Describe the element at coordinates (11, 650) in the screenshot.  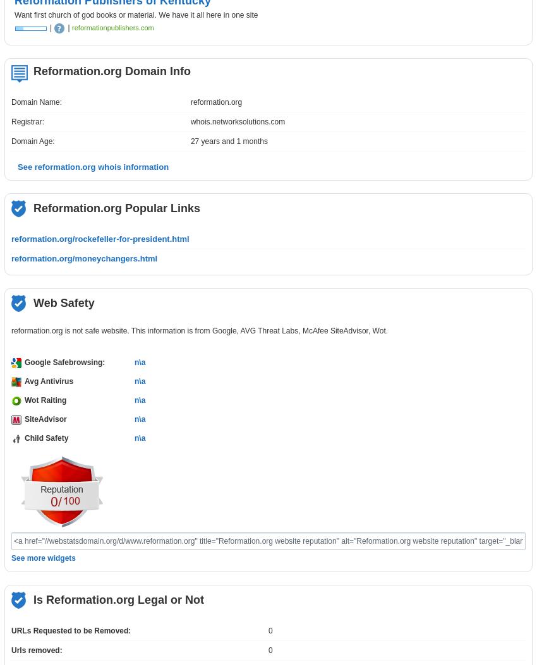
I see `'Urls removed:'` at that location.